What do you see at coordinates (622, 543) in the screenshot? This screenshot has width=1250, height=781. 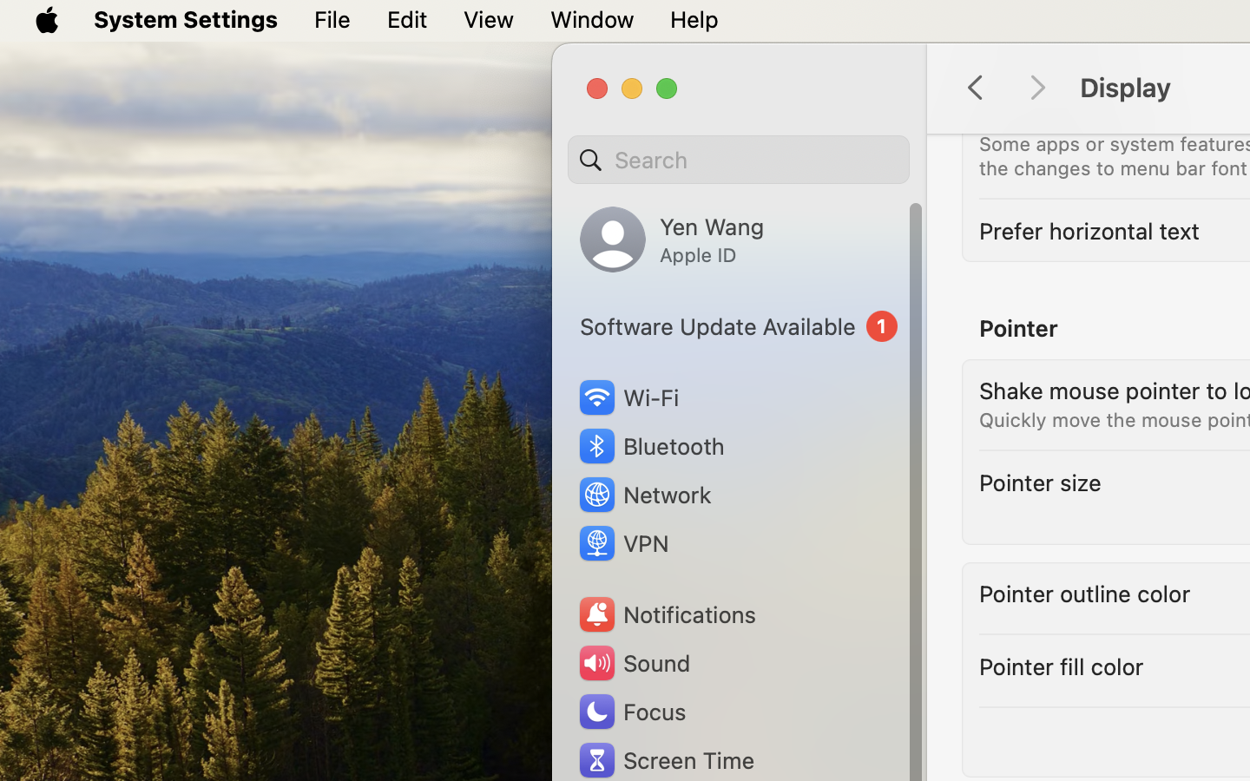 I see `'VPN'` at bounding box center [622, 543].